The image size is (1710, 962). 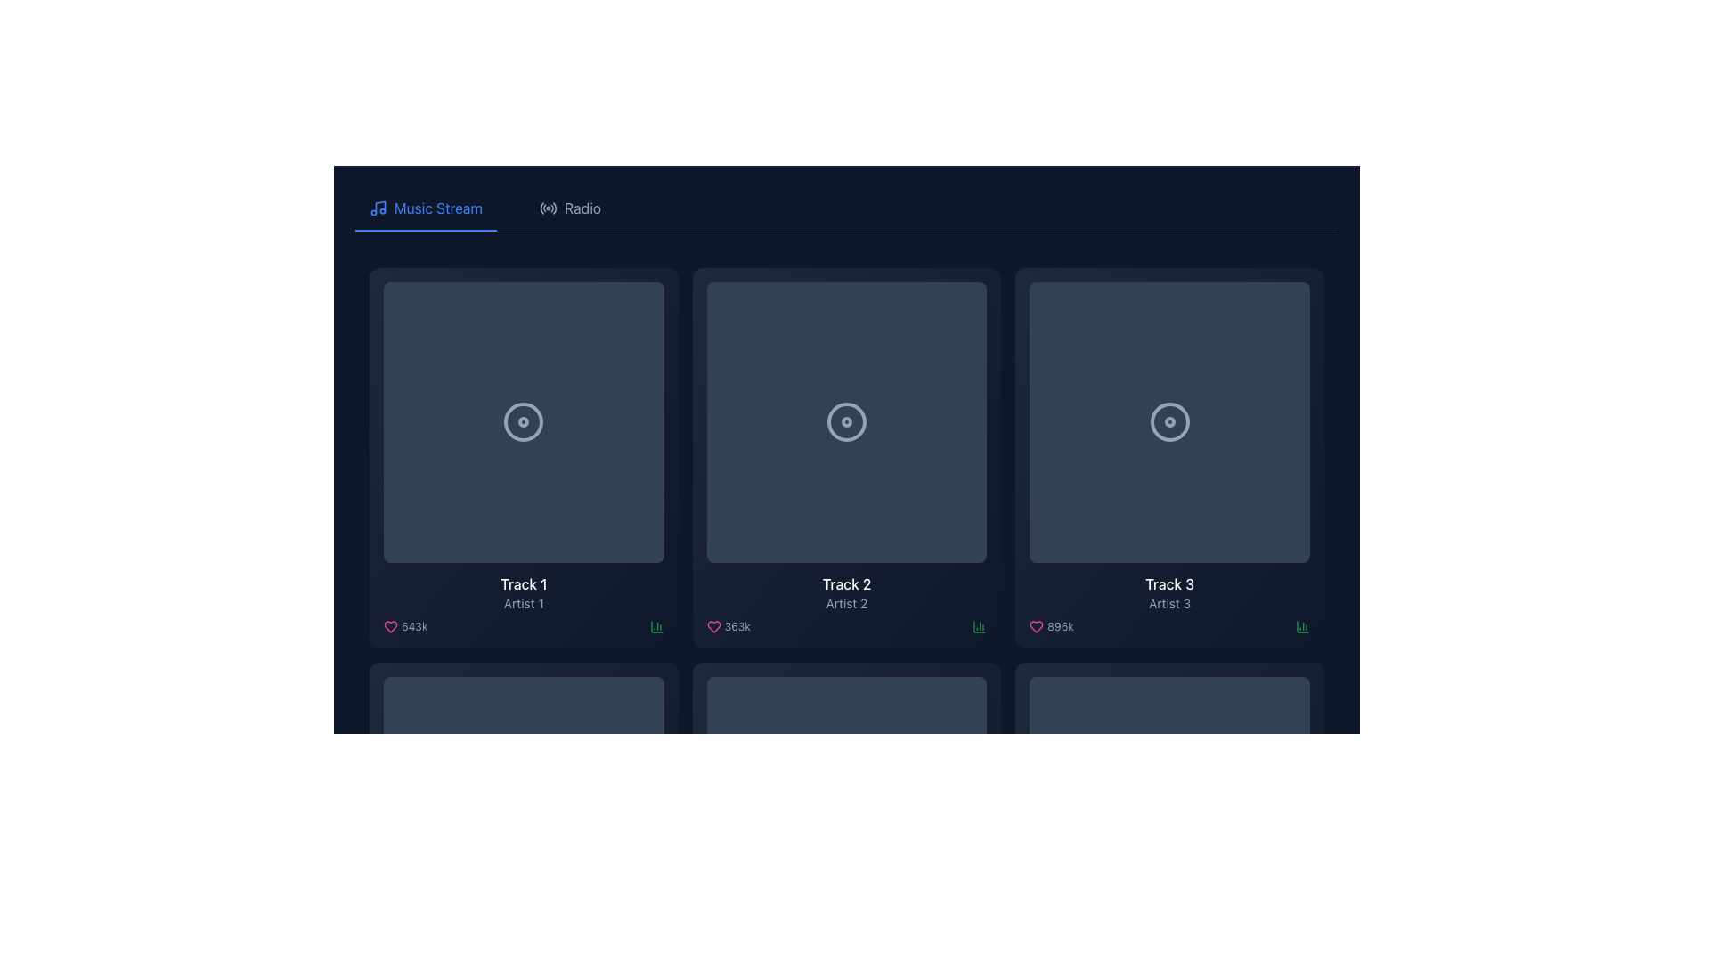 What do you see at coordinates (547, 208) in the screenshot?
I see `the radio wave icon located to the left of the 'Radio' label in the navigation tab` at bounding box center [547, 208].